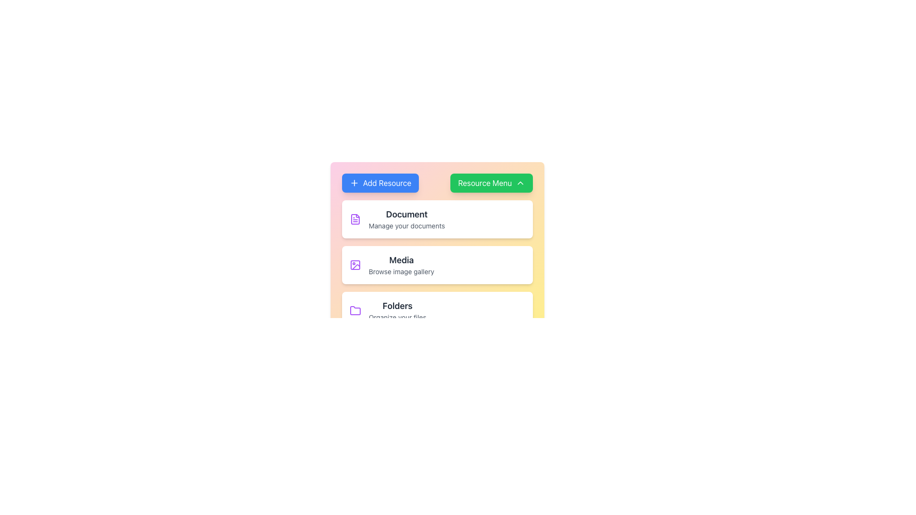 The image size is (916, 515). I want to click on the document management icon, which is the first icon in the list and is located to the left of the text 'Document' on the first card, so click(354, 219).